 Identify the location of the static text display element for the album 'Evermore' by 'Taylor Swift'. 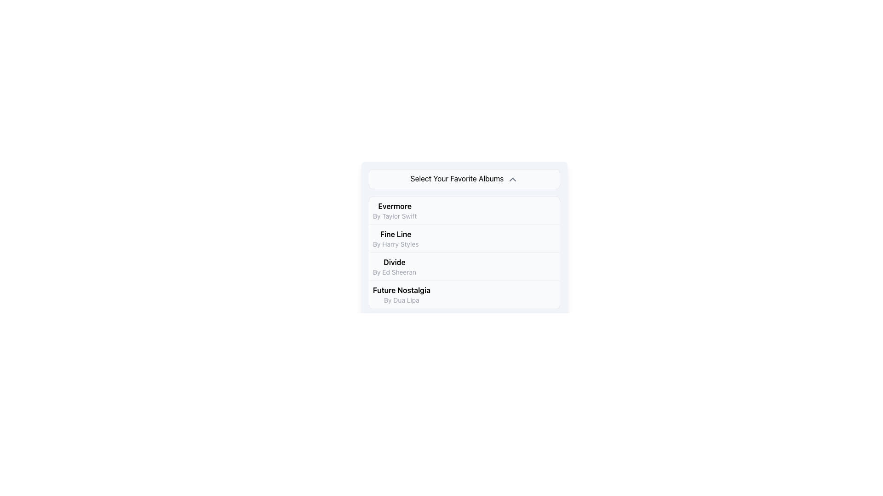
(395, 210).